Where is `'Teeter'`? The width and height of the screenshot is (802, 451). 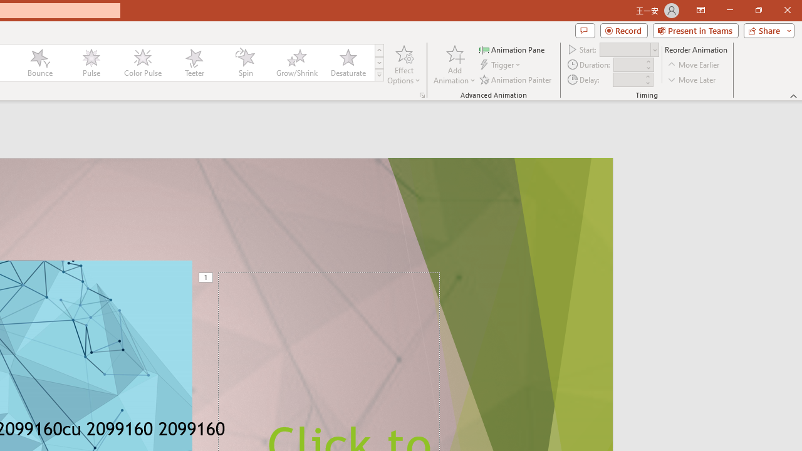 'Teeter' is located at coordinates (193, 63).